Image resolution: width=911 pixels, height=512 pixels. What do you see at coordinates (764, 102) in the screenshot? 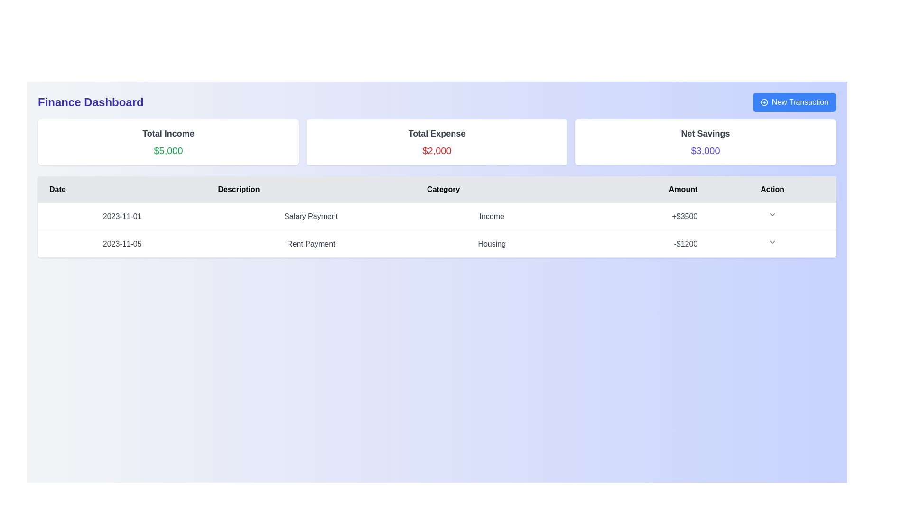
I see `the blue circle icon with a plus symbol, which is located to the left of the 'New Transaction' button` at bounding box center [764, 102].